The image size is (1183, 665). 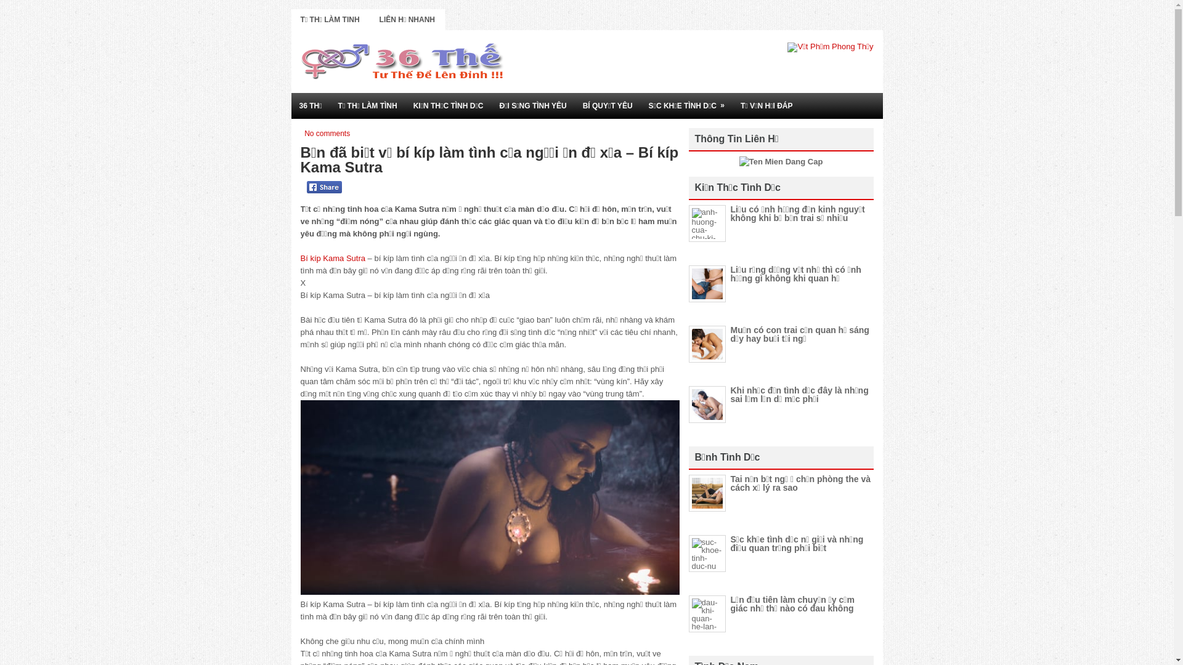 I want to click on 'No comments', so click(x=304, y=133).